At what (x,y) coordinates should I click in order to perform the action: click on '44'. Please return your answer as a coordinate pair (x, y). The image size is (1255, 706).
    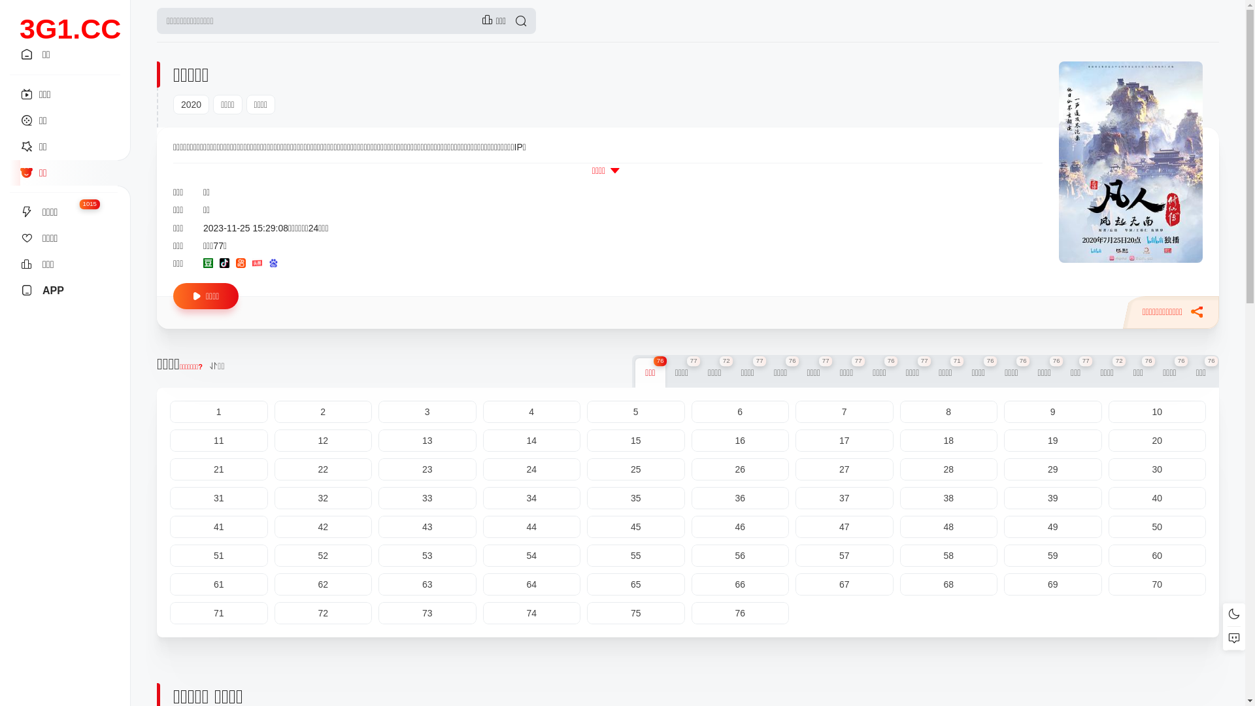
    Looking at the image, I should click on (531, 526).